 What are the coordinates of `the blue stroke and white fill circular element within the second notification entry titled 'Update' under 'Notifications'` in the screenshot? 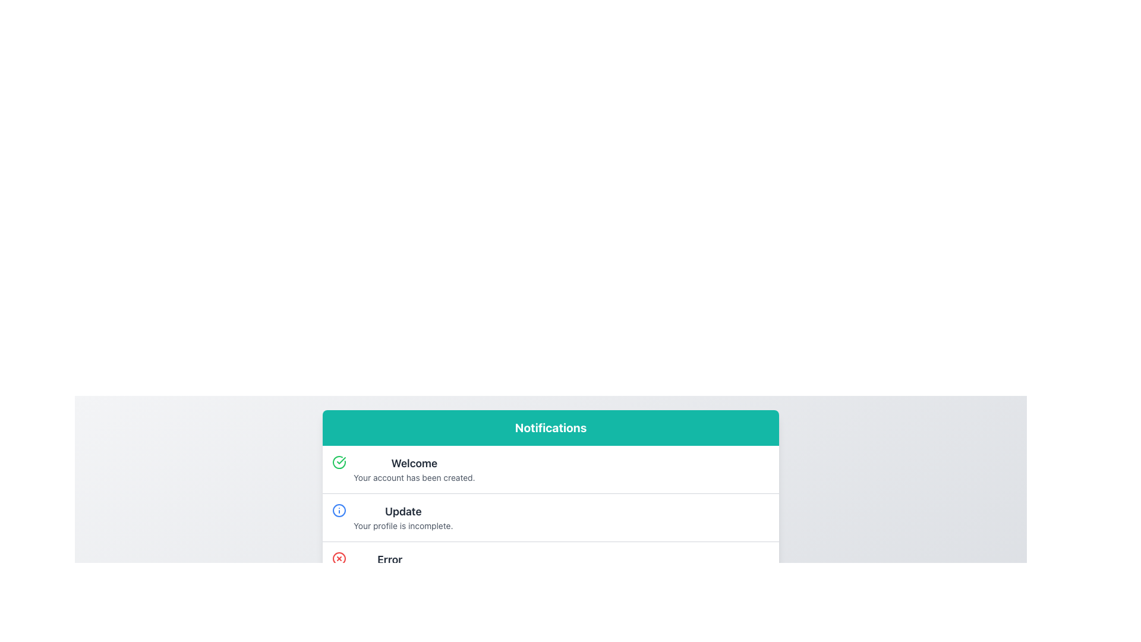 It's located at (339, 510).